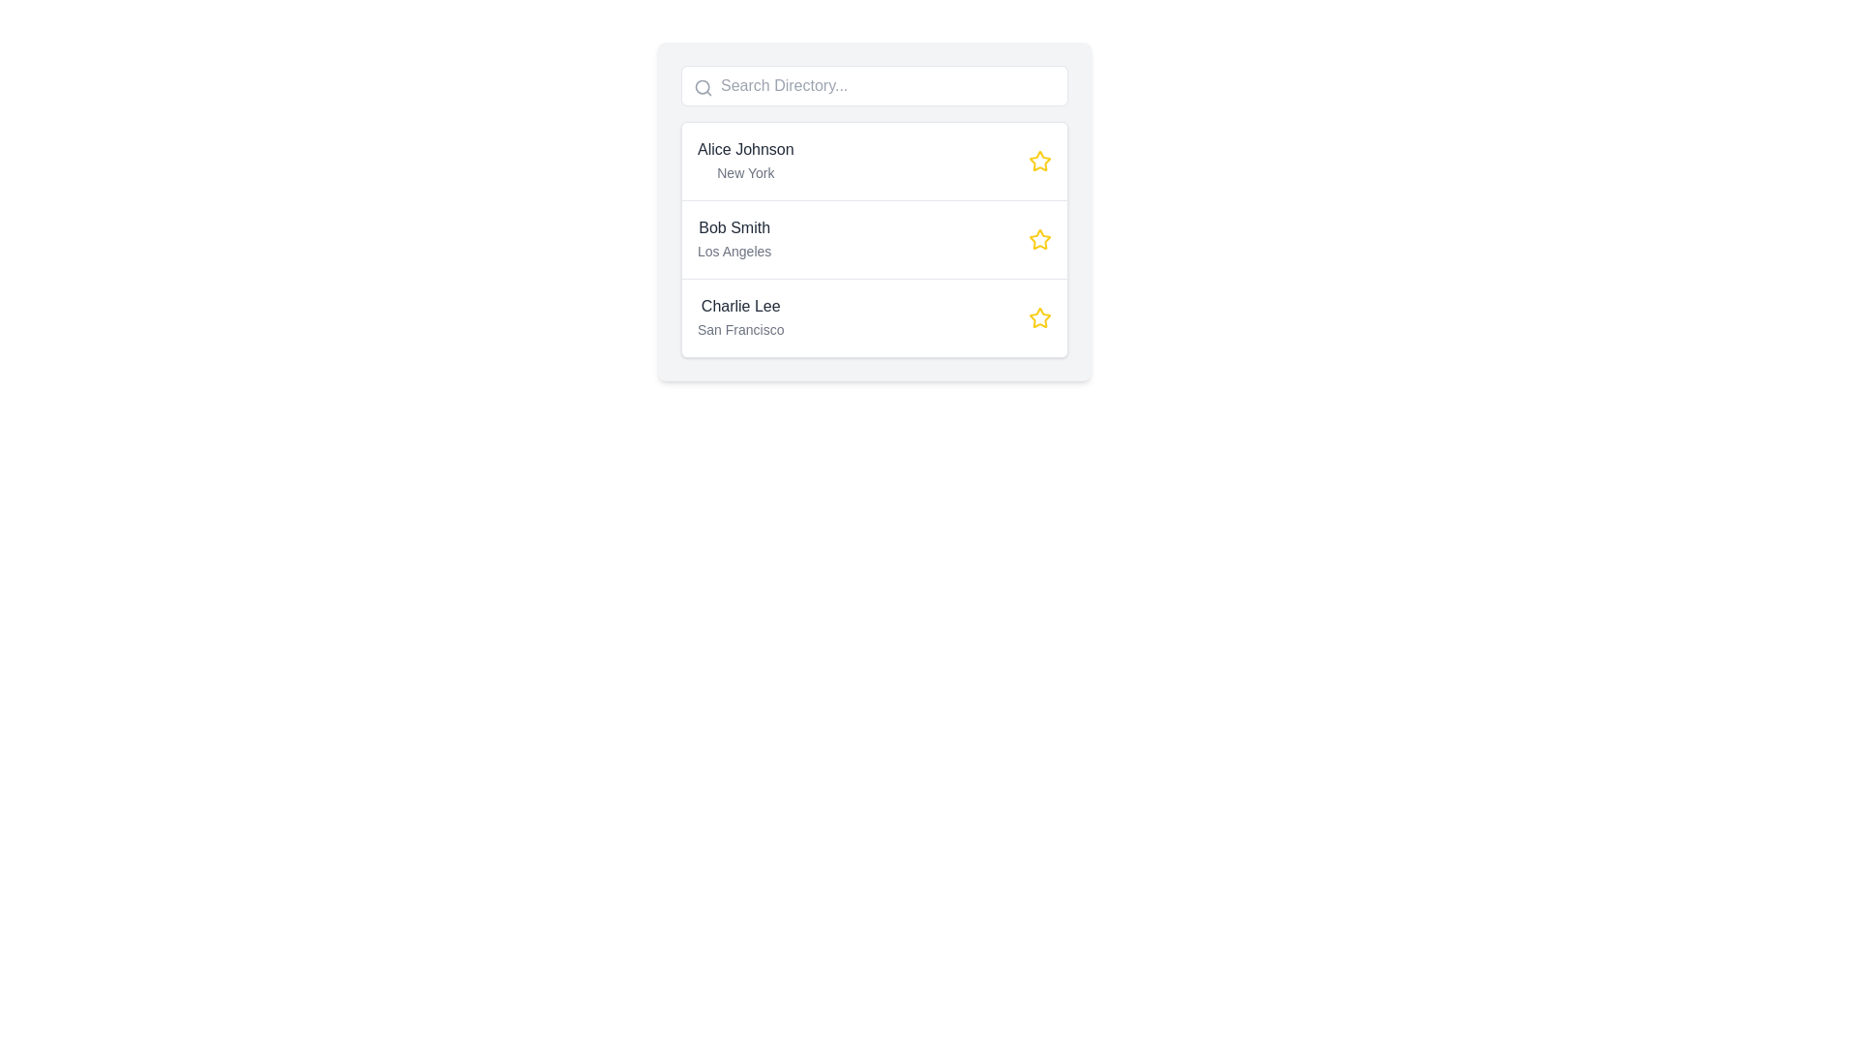  What do you see at coordinates (739, 328) in the screenshot?
I see `the text label providing supplementary information about the location of 'Charlie Lee' in the directory, which is located under the bold text 'Charlie Lee'` at bounding box center [739, 328].